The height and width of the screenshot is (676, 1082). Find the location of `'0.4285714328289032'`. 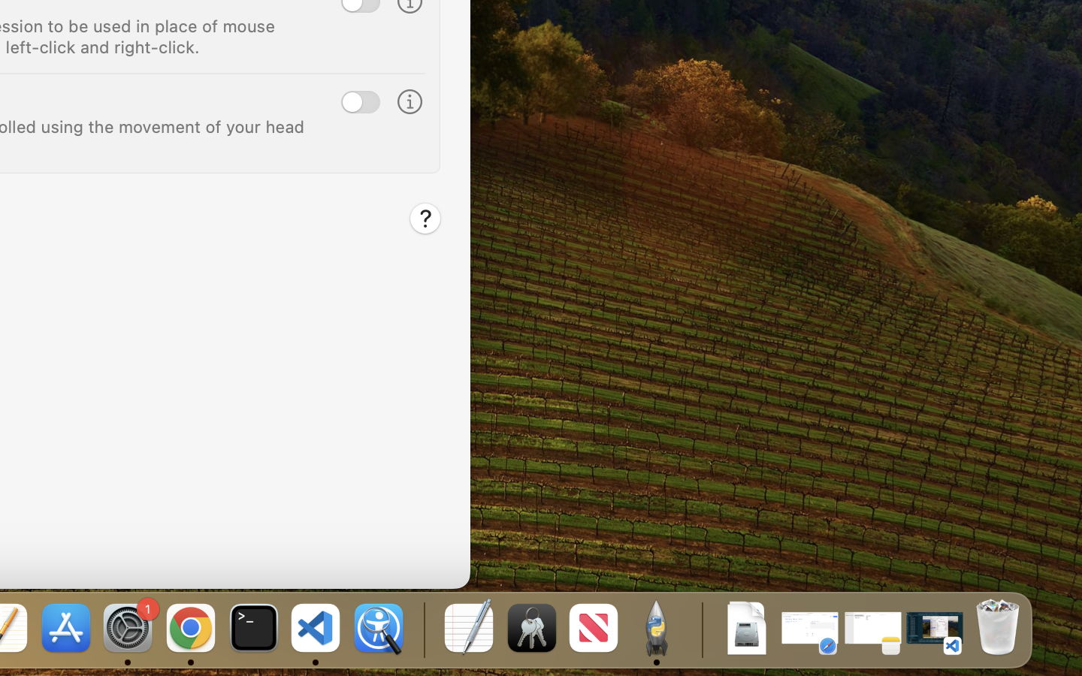

'0.4285714328289032' is located at coordinates (422, 629).